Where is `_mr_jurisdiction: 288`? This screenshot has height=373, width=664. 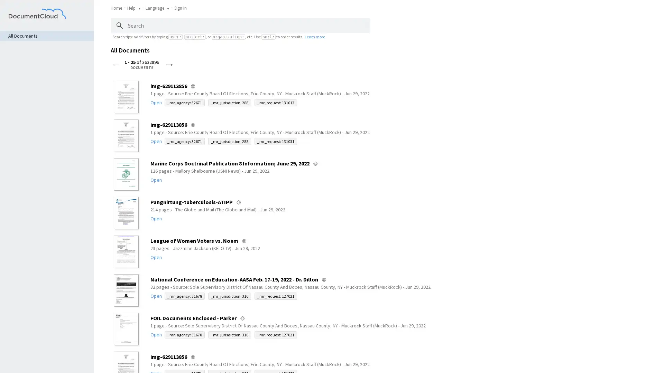 _mr_jurisdiction: 288 is located at coordinates (229, 102).